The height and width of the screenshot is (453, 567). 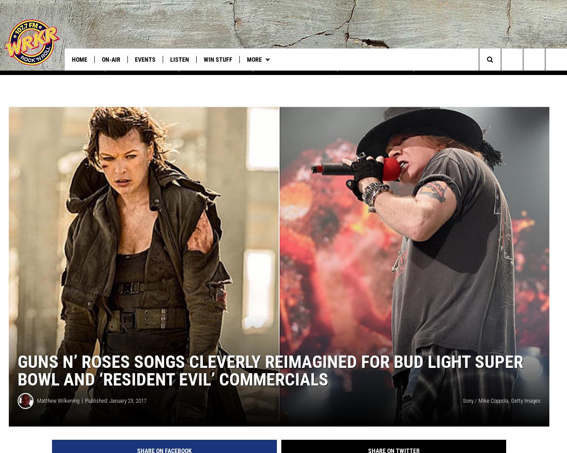 I want to click on 'TSO in Philly', so click(x=80, y=77).